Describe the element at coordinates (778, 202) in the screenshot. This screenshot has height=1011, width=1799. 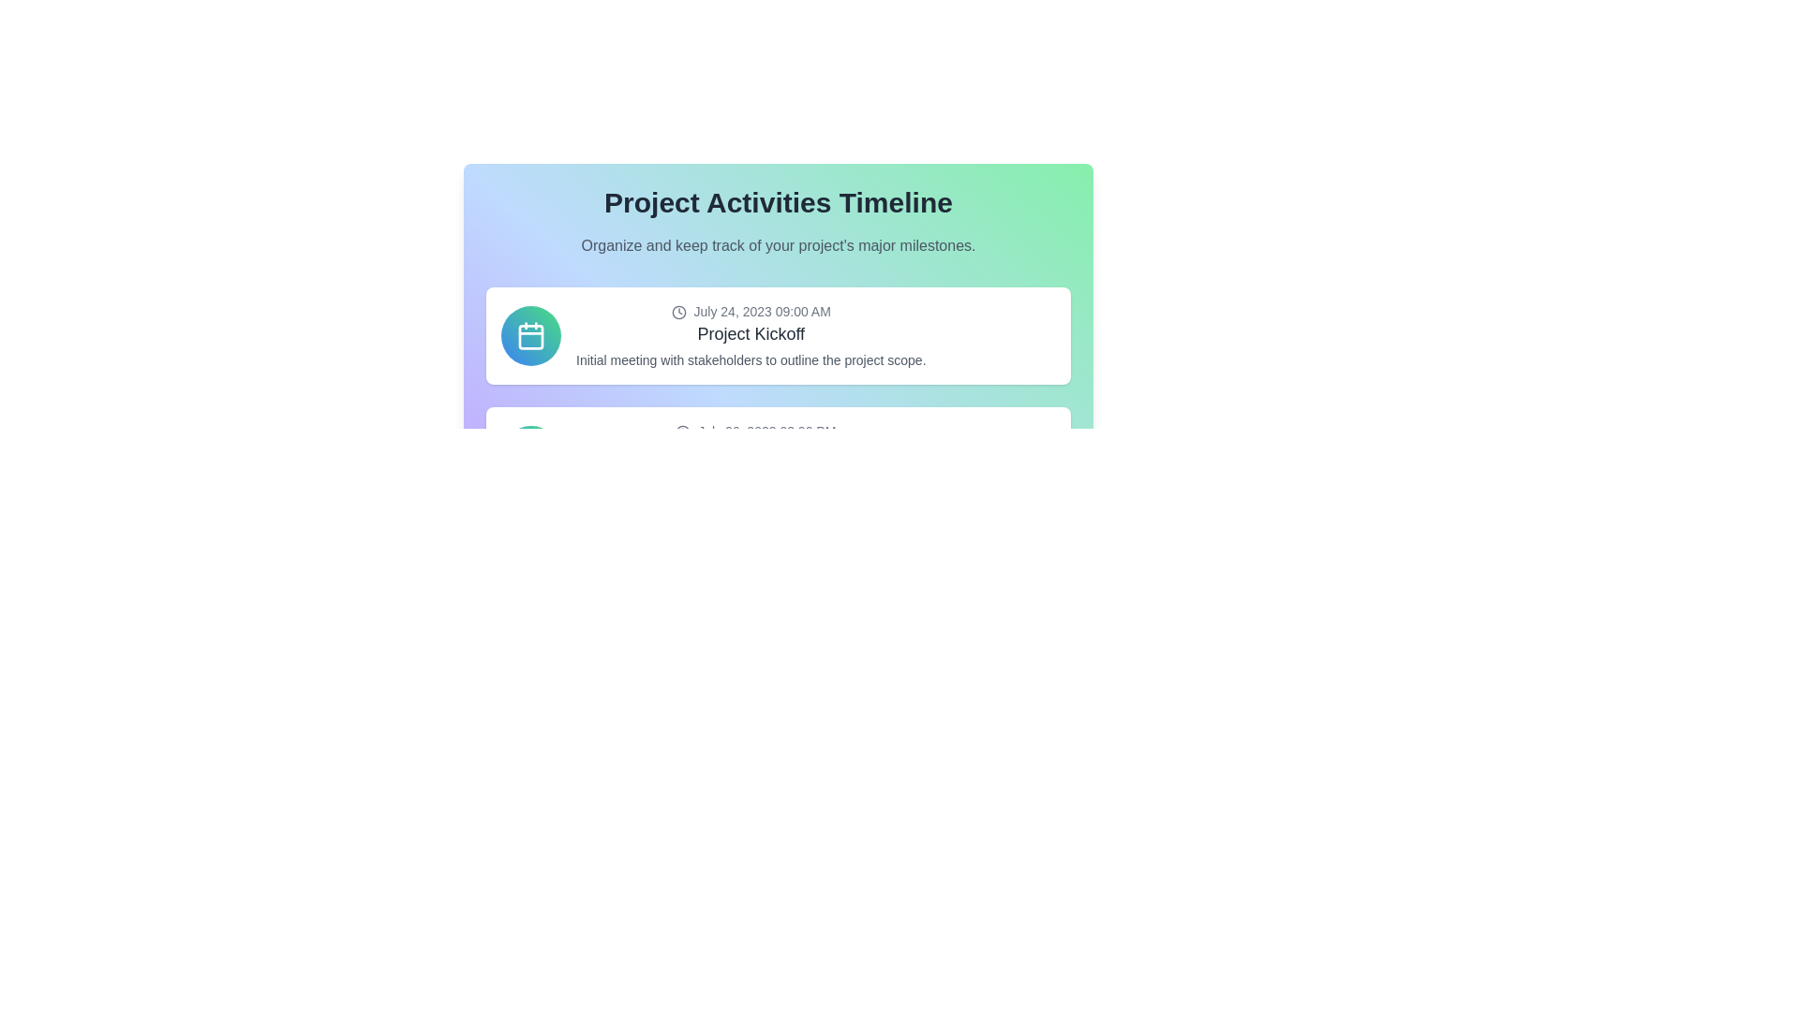
I see `the header text 'Project Activities Timeline' which is styled in bold and large font, positioned at the top-center of the interface` at that location.